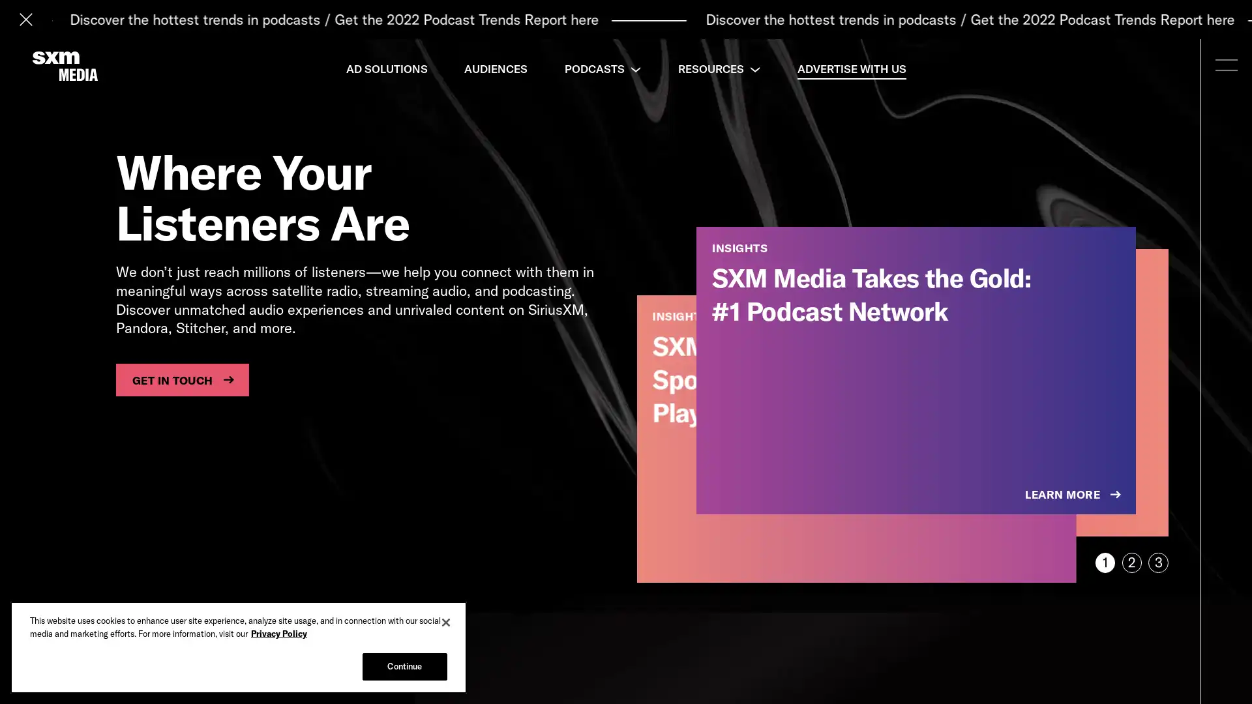  I want to click on 3, so click(1158, 562).